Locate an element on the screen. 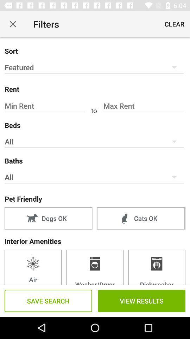  item to the left of cats ok is located at coordinates (48, 218).